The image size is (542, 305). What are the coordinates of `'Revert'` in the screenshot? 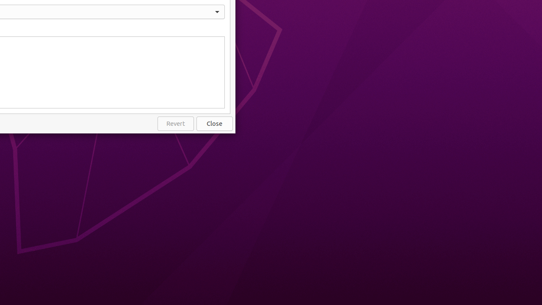 It's located at (175, 124).